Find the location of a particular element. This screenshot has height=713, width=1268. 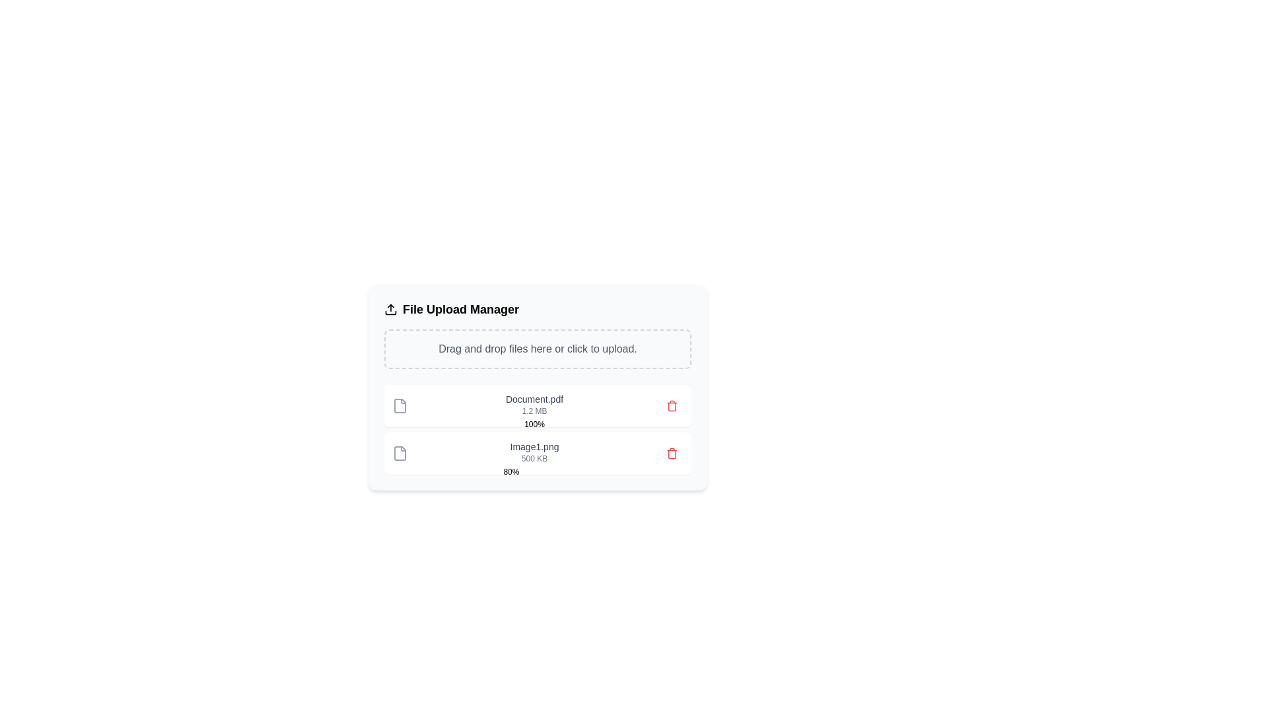

the document icon located next to the filename 'Image1.png' in the bottom row of the visible file list, which has a neutral gray color scheme and is styled with an outline is located at coordinates (399, 452).